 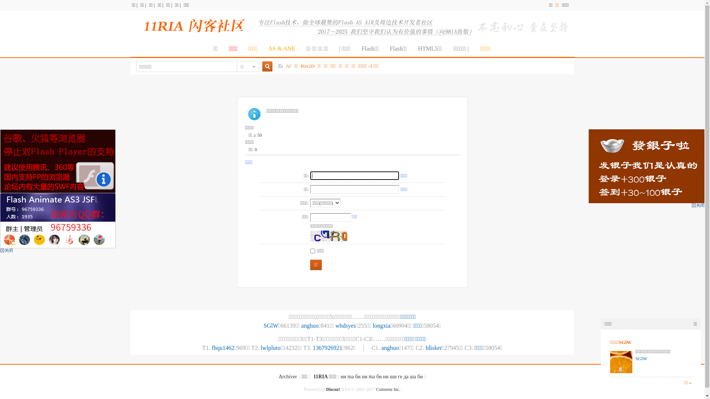 What do you see at coordinates (281, 48) in the screenshot?
I see `'AS & ANE'` at bounding box center [281, 48].